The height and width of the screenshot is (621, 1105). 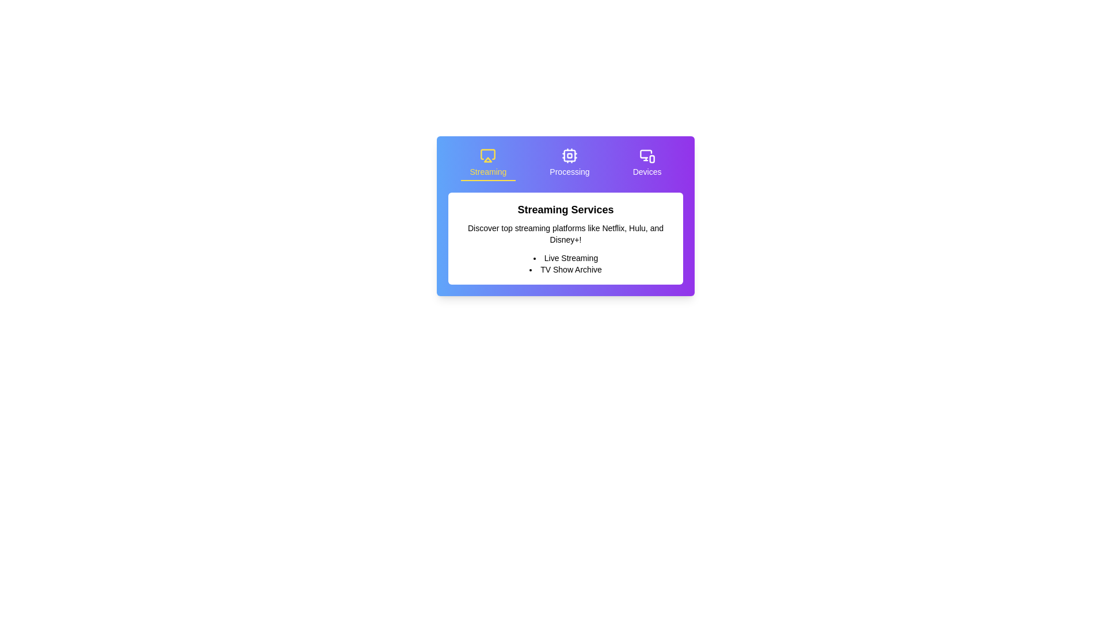 I want to click on the Navigation link with a processor chip icon and the label 'Processing' for navigation, so click(x=569, y=162).